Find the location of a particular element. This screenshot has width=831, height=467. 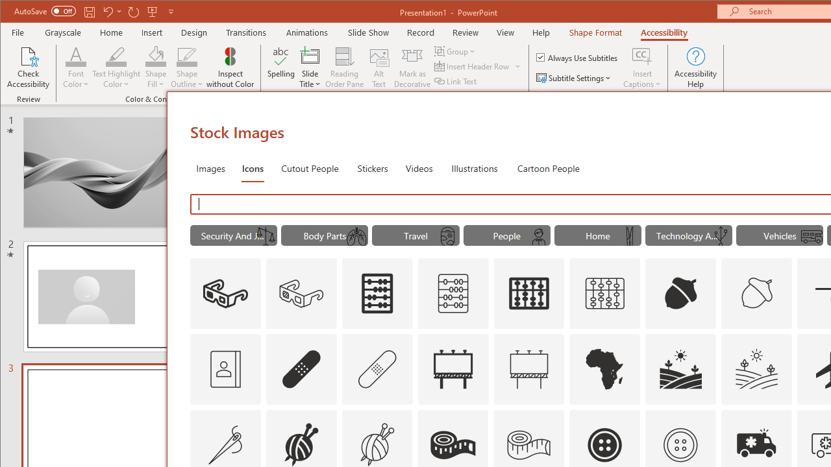

'Spelling...' is located at coordinates (280, 67).